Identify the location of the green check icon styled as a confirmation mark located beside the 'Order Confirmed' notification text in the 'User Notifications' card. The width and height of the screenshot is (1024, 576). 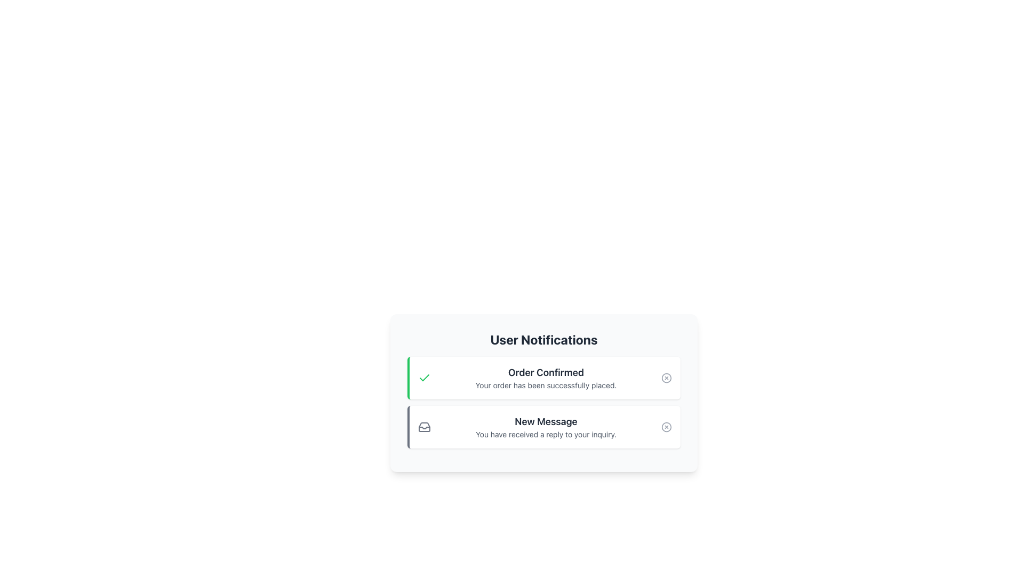
(424, 378).